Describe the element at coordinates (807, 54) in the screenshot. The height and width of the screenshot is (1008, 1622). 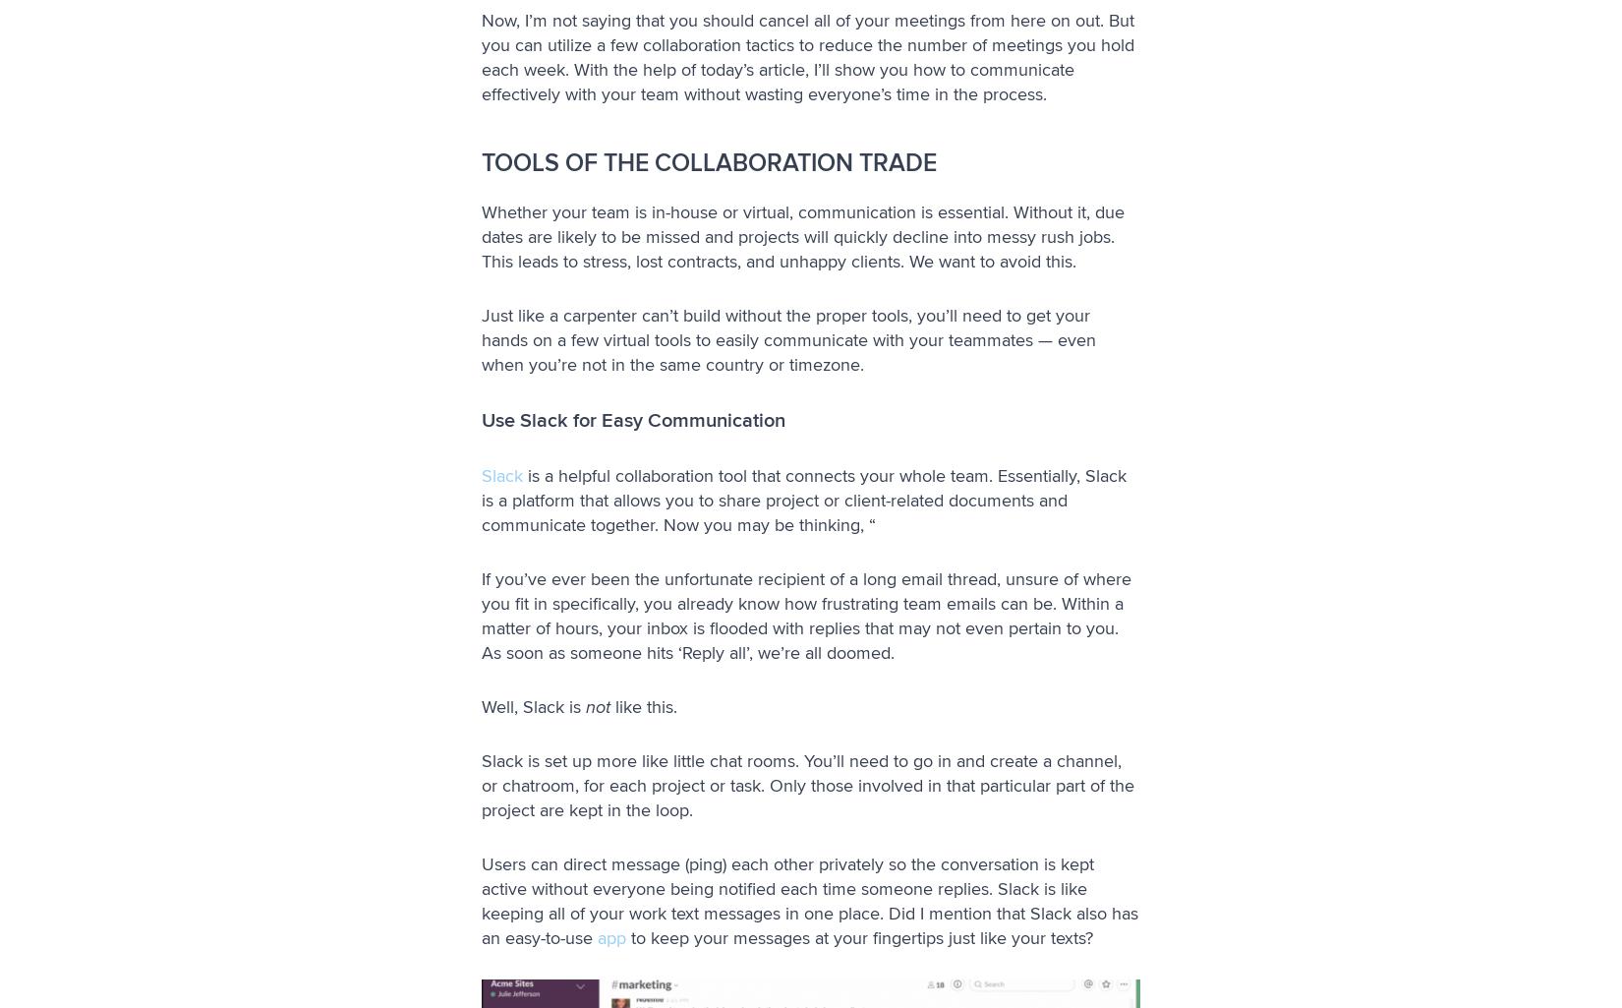
I see `'Now, I’m not saying that you should cancel all of your meetings from here on out. But you can utilize a few collaboration tactics to reduce the number of meetings you hold each week. With the help of today’s article, I’ll show you how to communicate effectively with your team without wasting everyone’s time in the process.'` at that location.